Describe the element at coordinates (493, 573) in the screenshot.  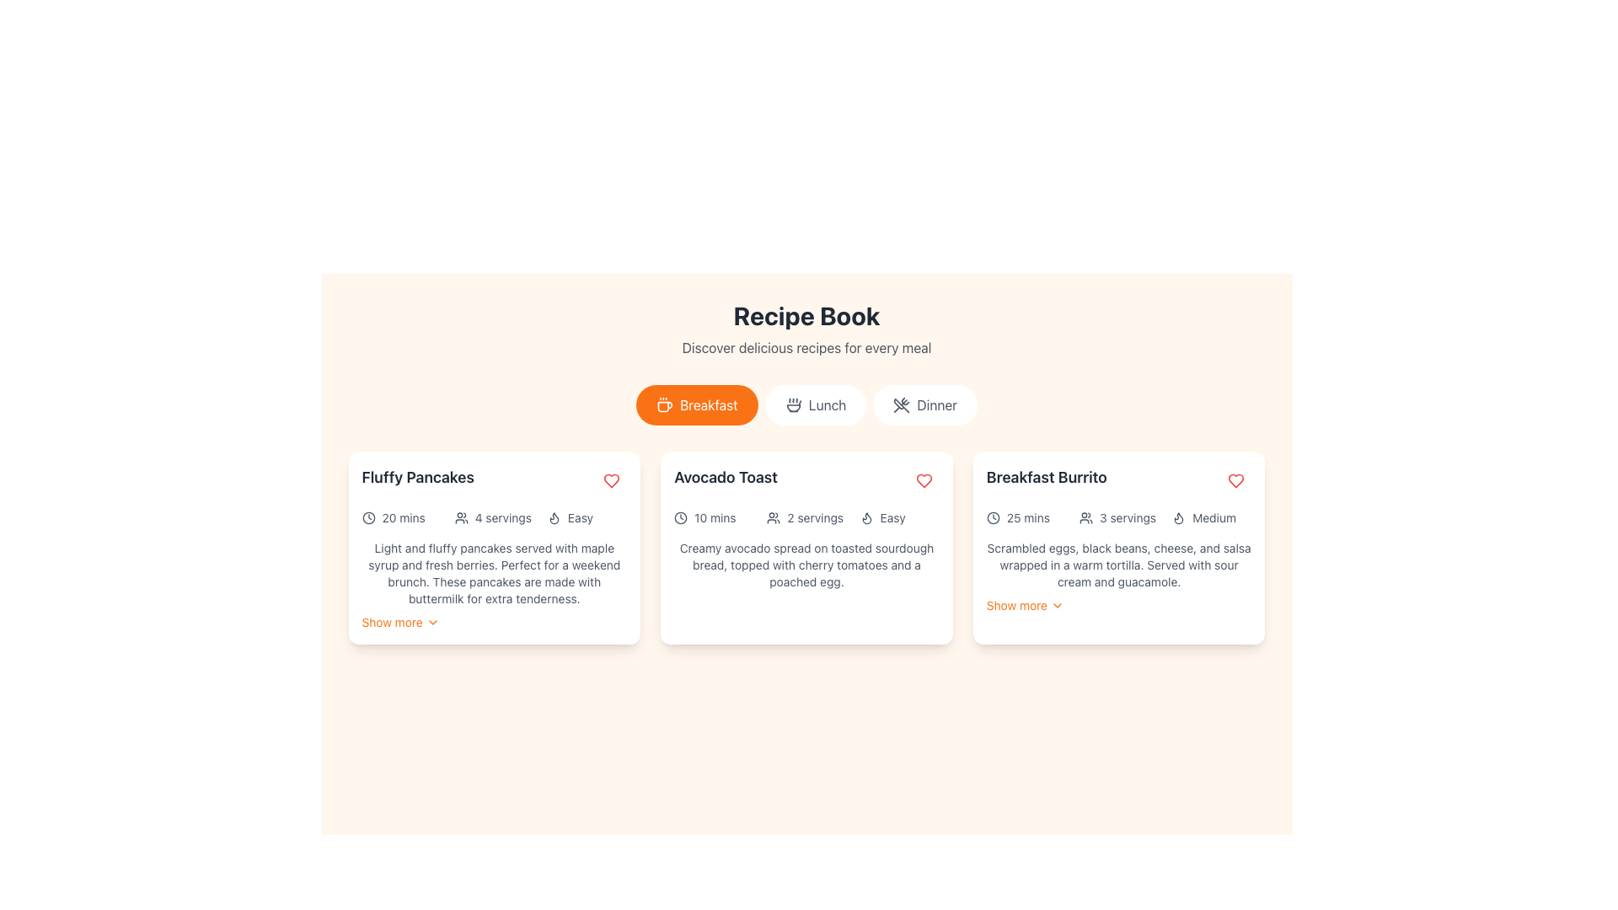
I see `the descriptive text block mentioning 'Light and fluffy pancakes' located in the first recipe card titled 'Fluffy Pancakes'` at that location.